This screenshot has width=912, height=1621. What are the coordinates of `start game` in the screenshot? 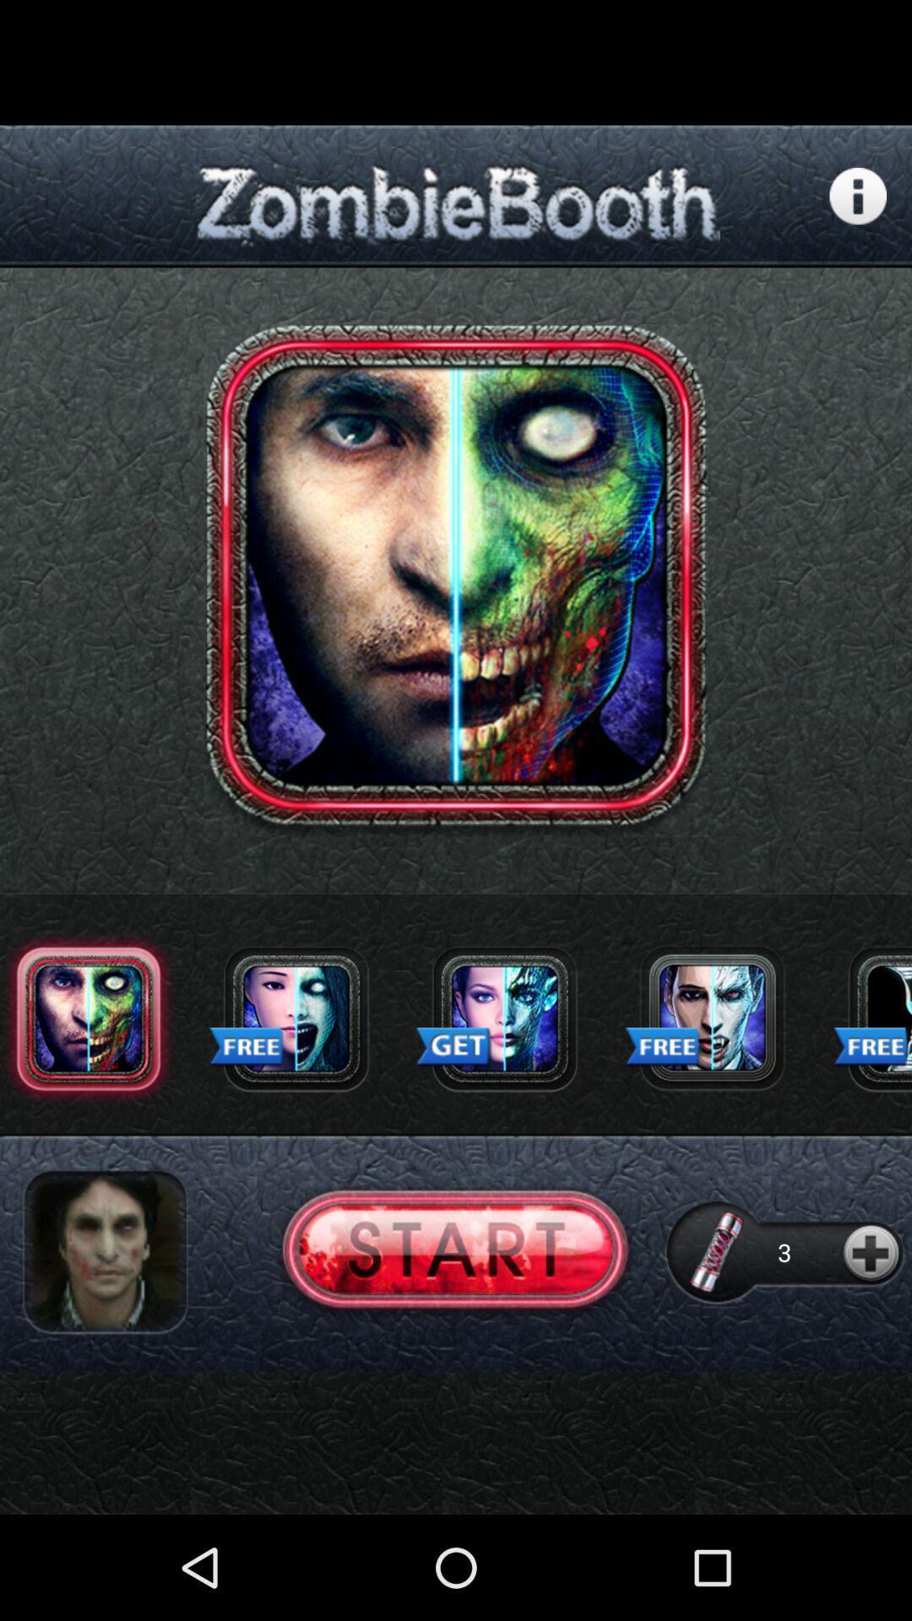 It's located at (454, 1252).